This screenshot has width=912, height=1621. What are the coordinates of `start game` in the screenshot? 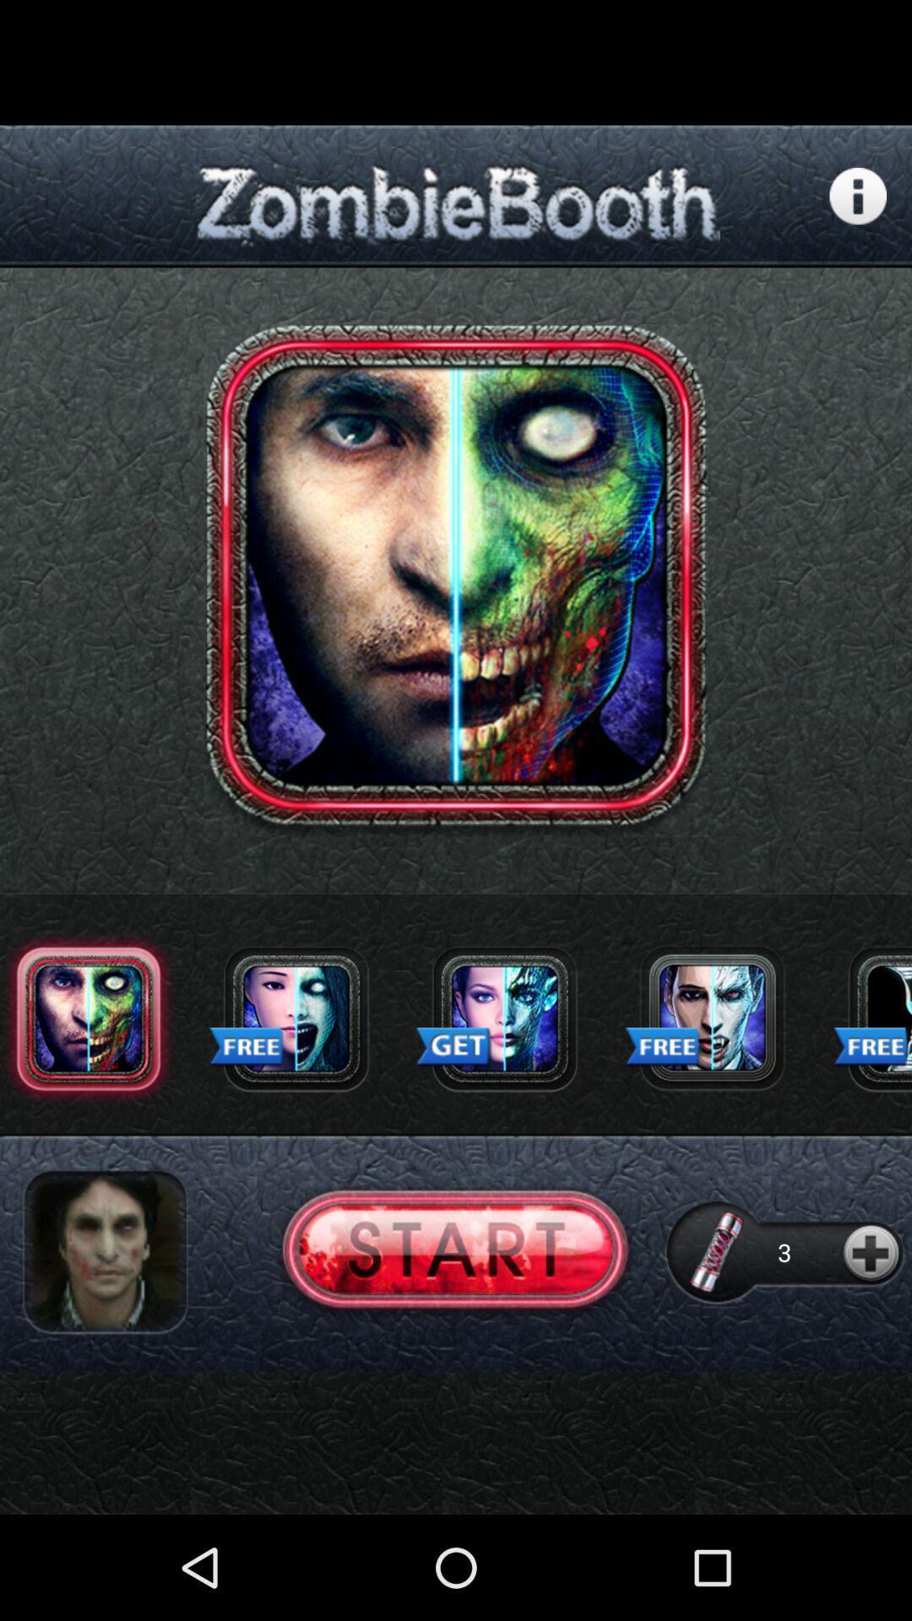 It's located at (454, 1252).